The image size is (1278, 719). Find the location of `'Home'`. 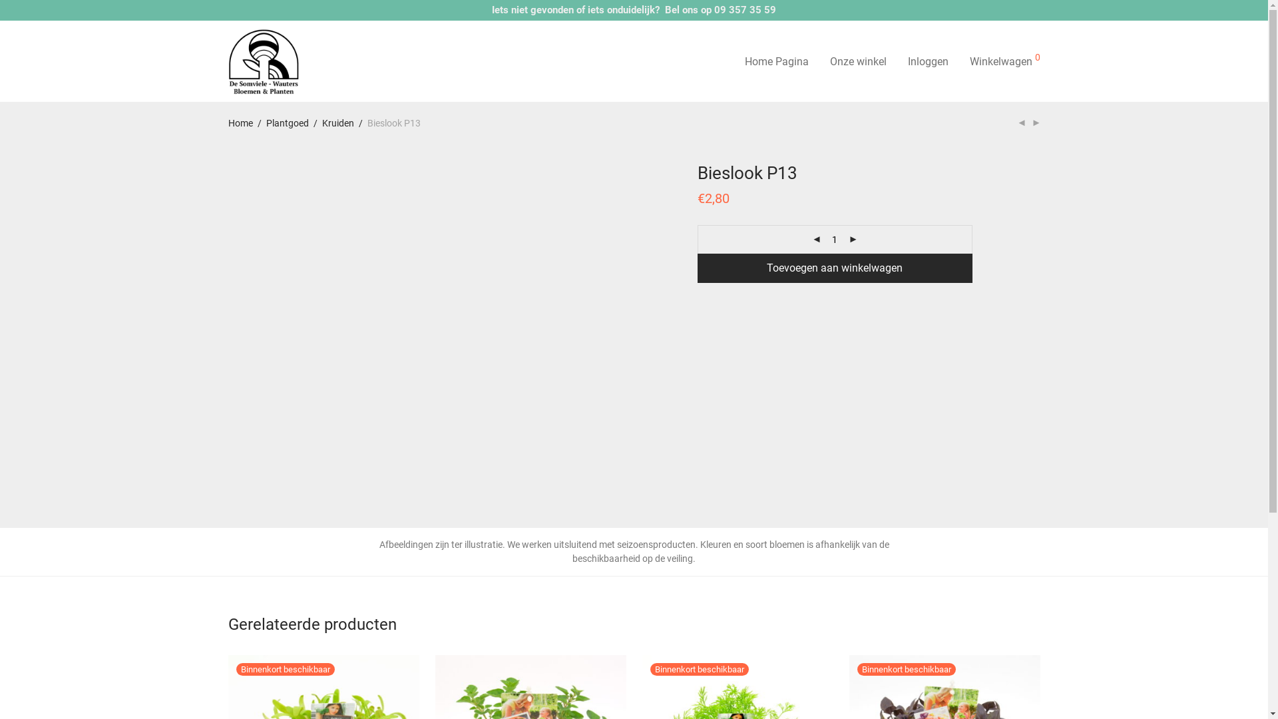

'Home' is located at coordinates (240, 123).